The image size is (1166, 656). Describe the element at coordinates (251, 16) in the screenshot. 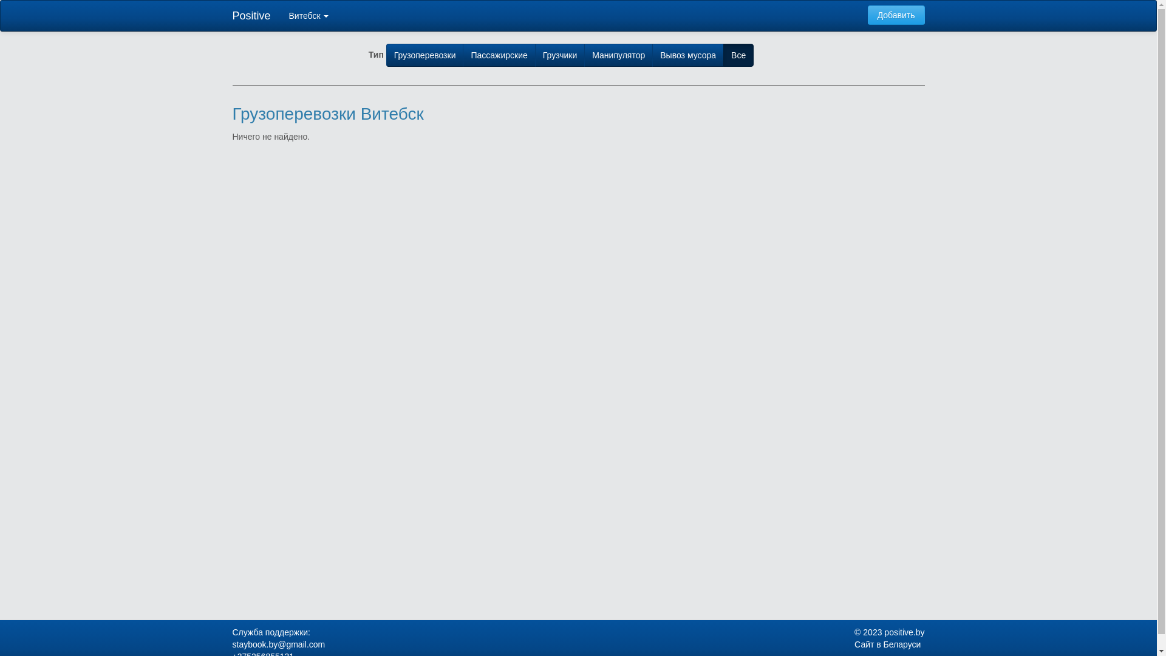

I see `'Positive'` at that location.